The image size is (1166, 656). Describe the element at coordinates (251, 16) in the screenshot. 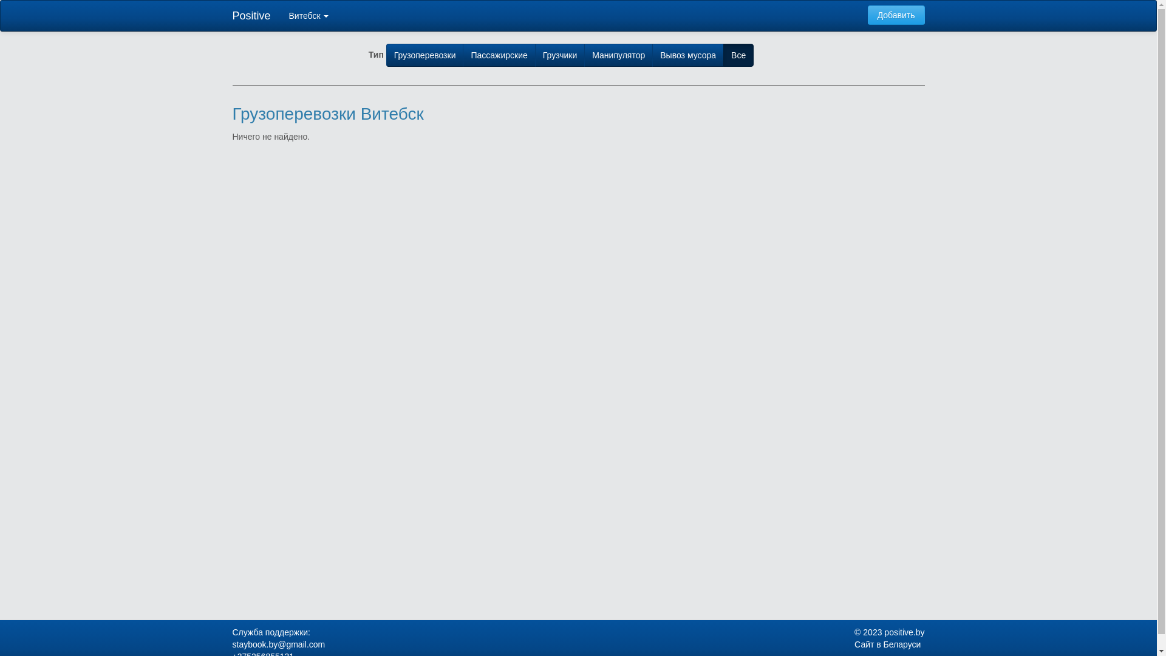

I see `'Positive'` at that location.